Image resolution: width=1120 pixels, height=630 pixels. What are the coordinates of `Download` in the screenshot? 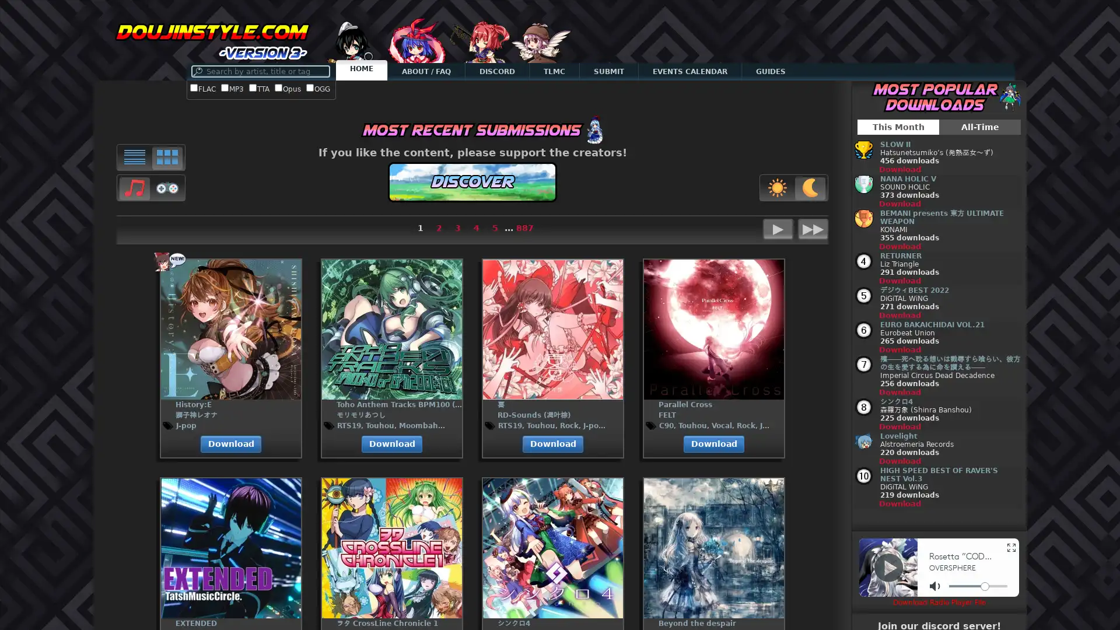 It's located at (899, 460).